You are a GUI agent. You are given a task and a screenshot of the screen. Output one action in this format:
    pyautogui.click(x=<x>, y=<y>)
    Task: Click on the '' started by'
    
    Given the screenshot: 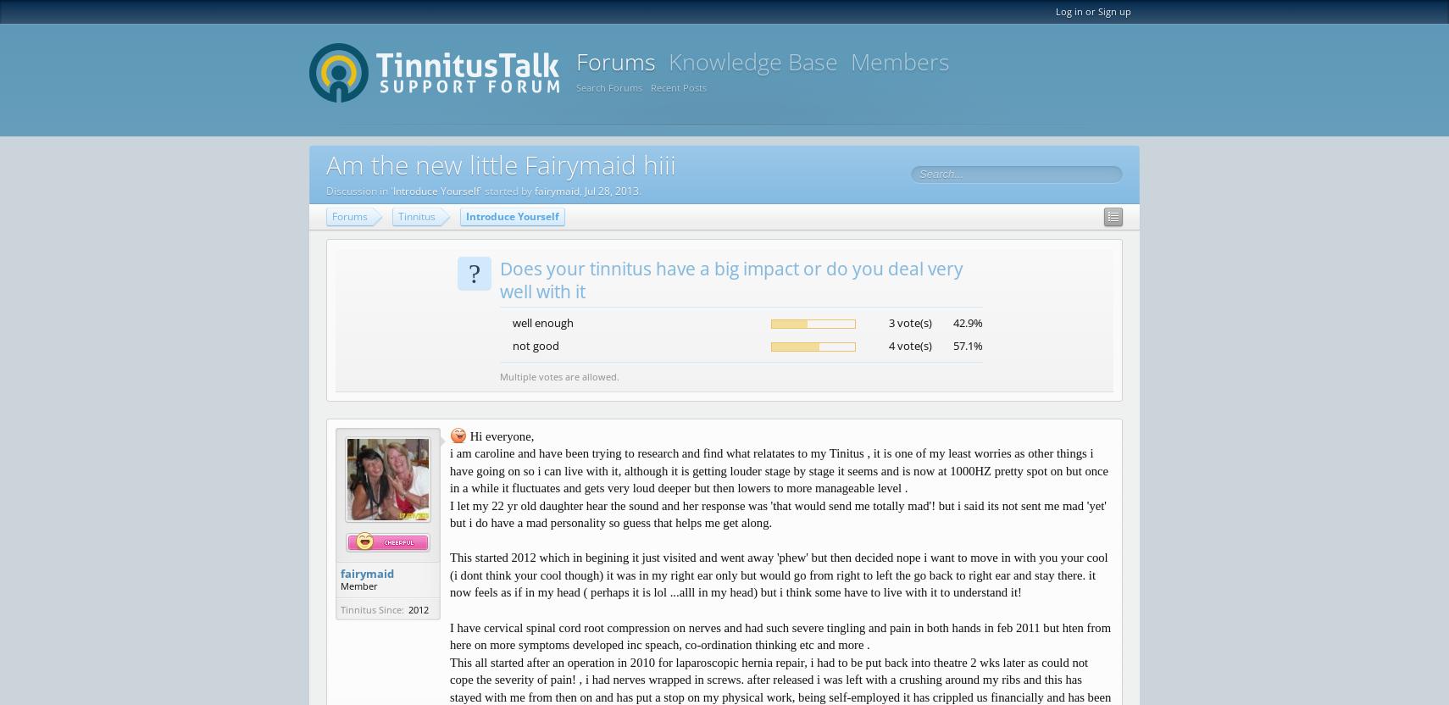 What is the action you would take?
    pyautogui.click(x=507, y=191)
    